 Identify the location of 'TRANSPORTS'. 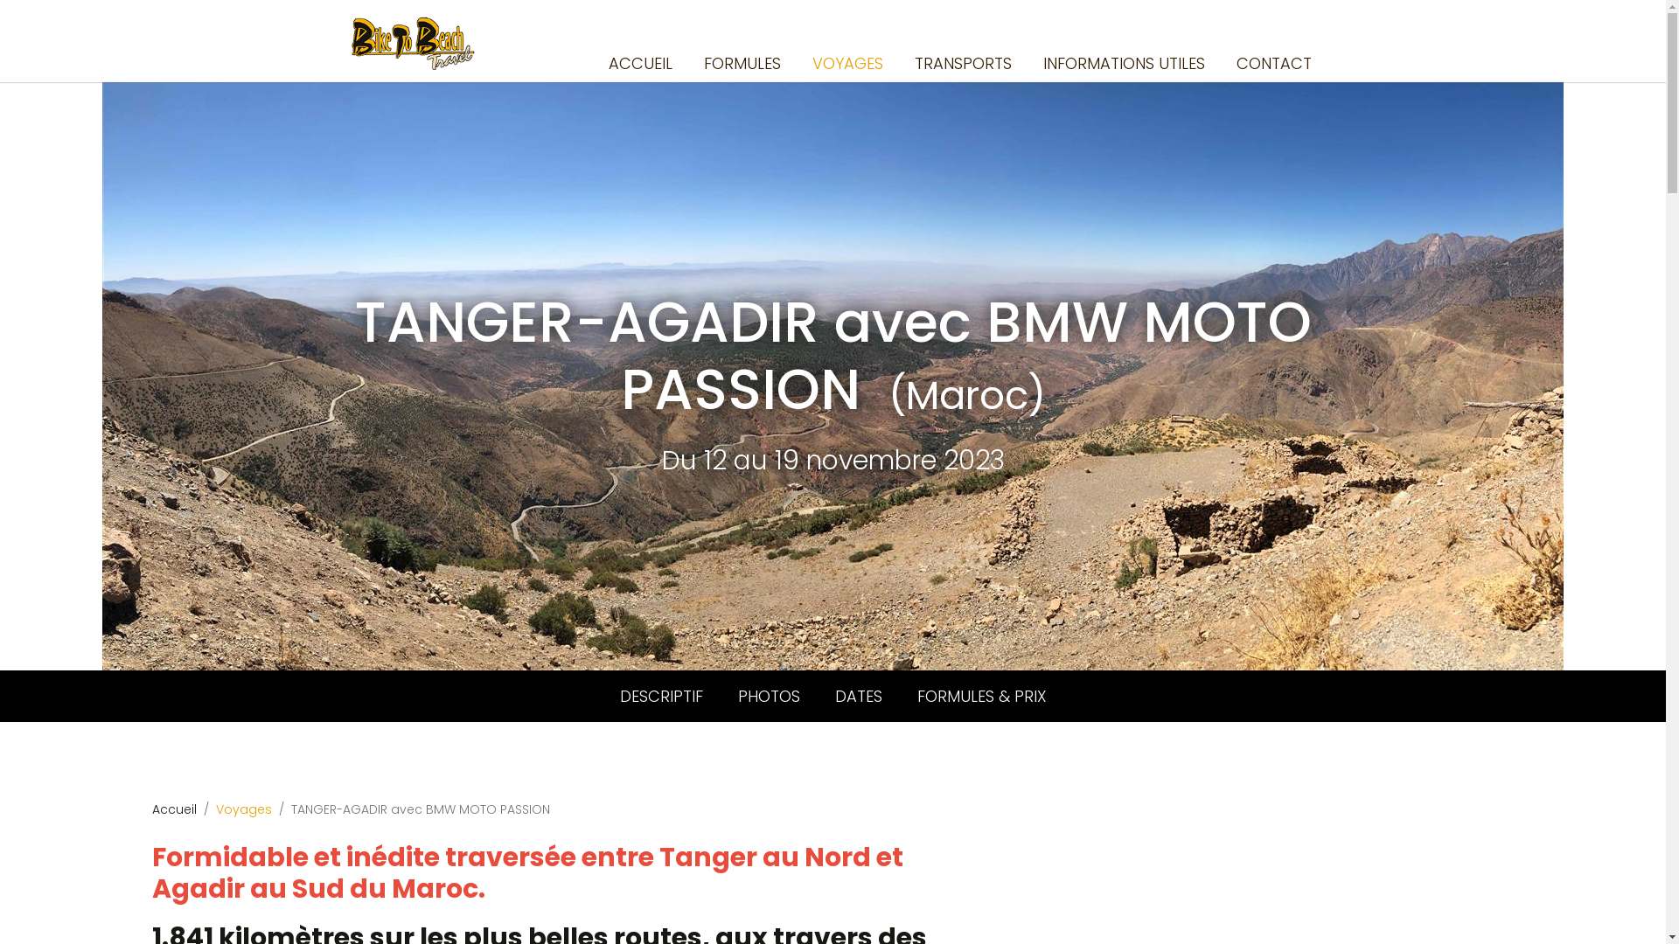
(962, 62).